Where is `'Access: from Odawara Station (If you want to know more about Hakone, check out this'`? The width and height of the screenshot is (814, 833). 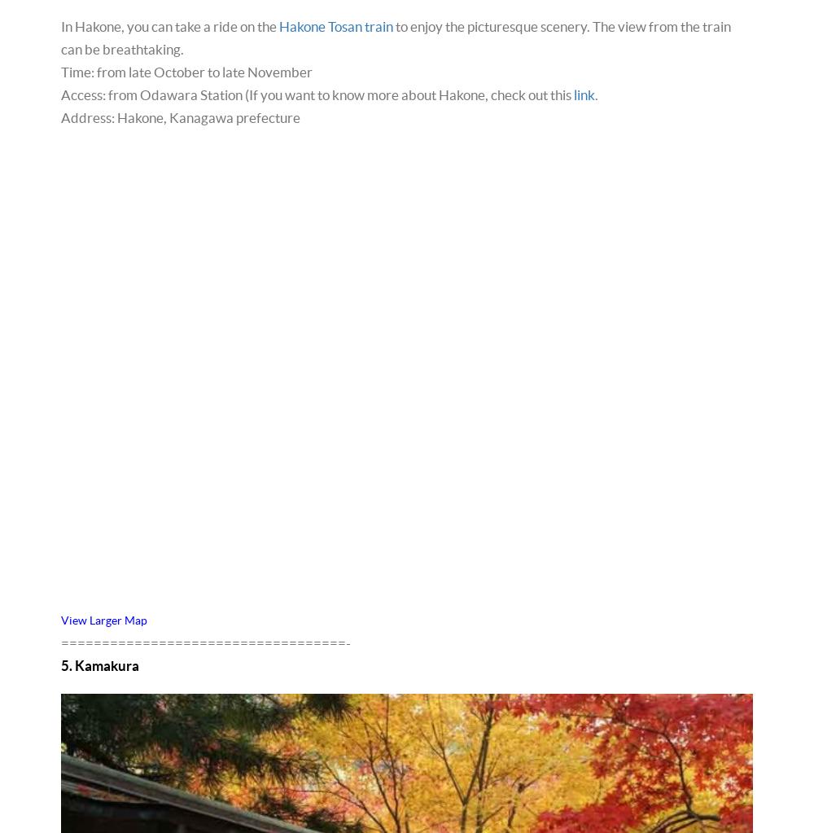
'Access: from Odawara Station (If you want to know more about Hakone, check out this' is located at coordinates (317, 94).